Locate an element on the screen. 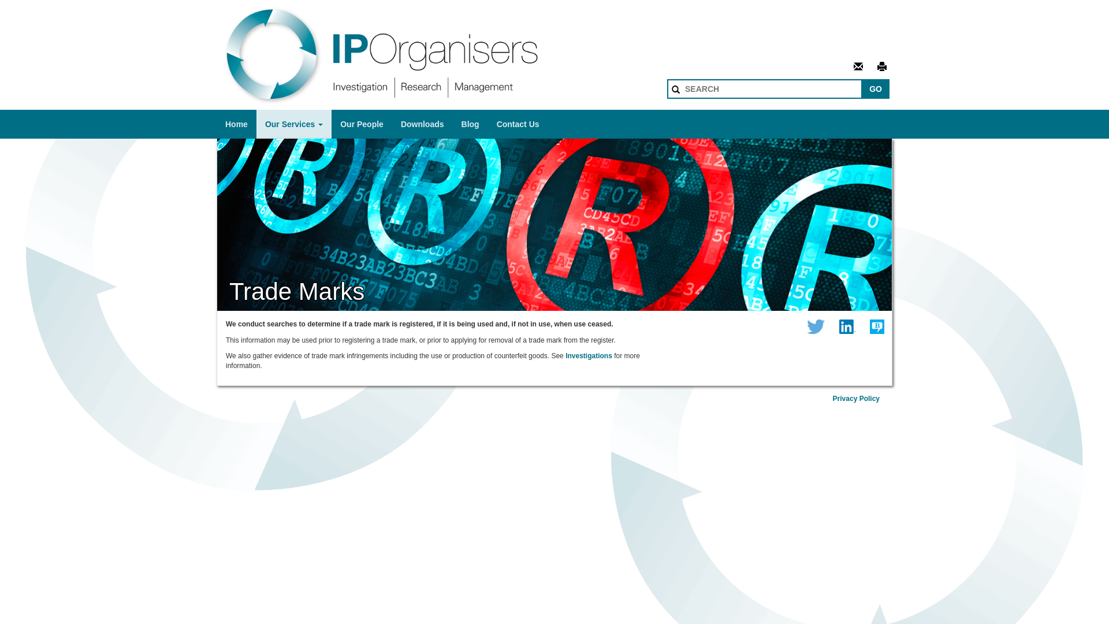  'Downloads' is located at coordinates (422, 124).